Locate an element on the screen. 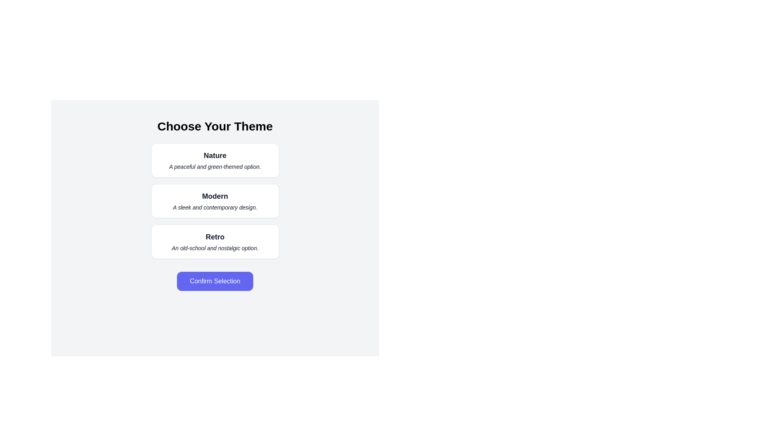  the 'Retro' theme selectable card, which is the third option in a vertical list of three elements, following 'Nature' and 'Modern' is located at coordinates (215, 241).